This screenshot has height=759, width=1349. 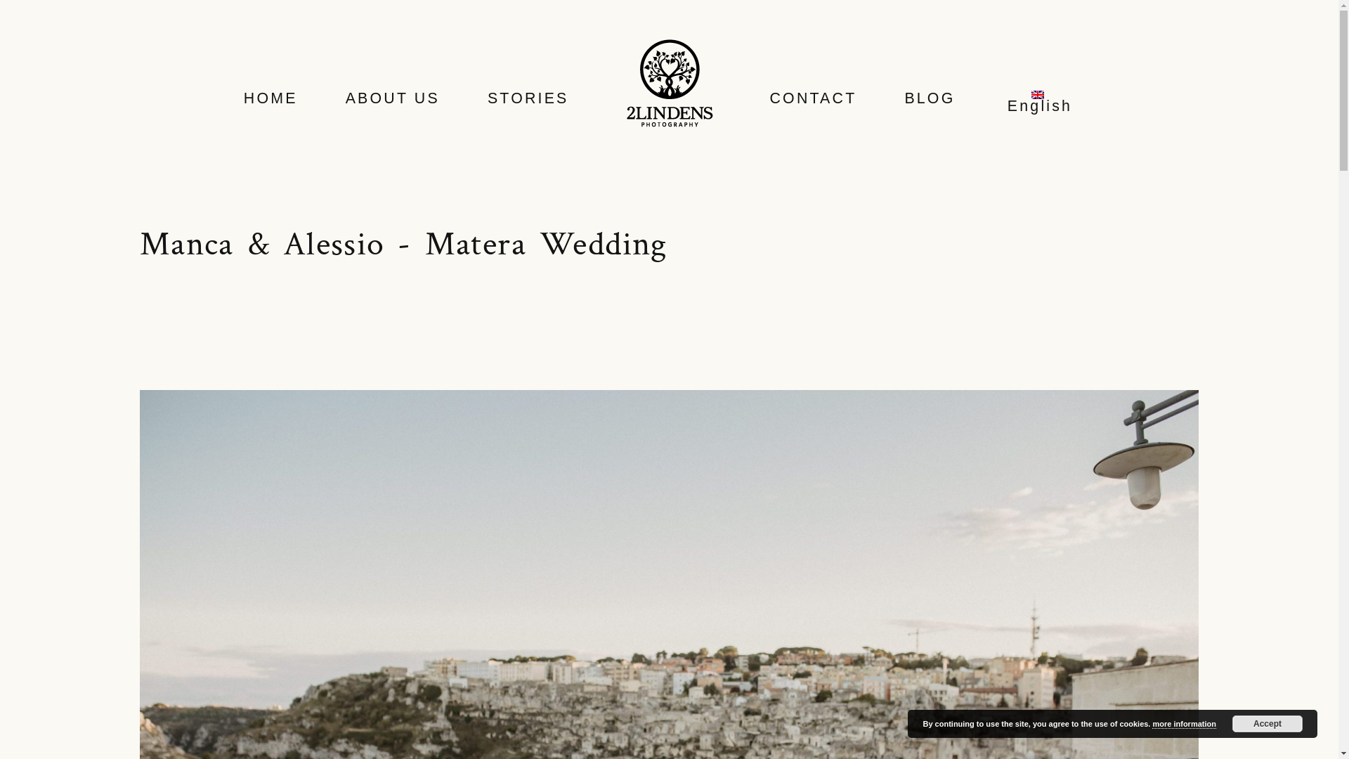 What do you see at coordinates (1182, 724) in the screenshot?
I see `'more information'` at bounding box center [1182, 724].